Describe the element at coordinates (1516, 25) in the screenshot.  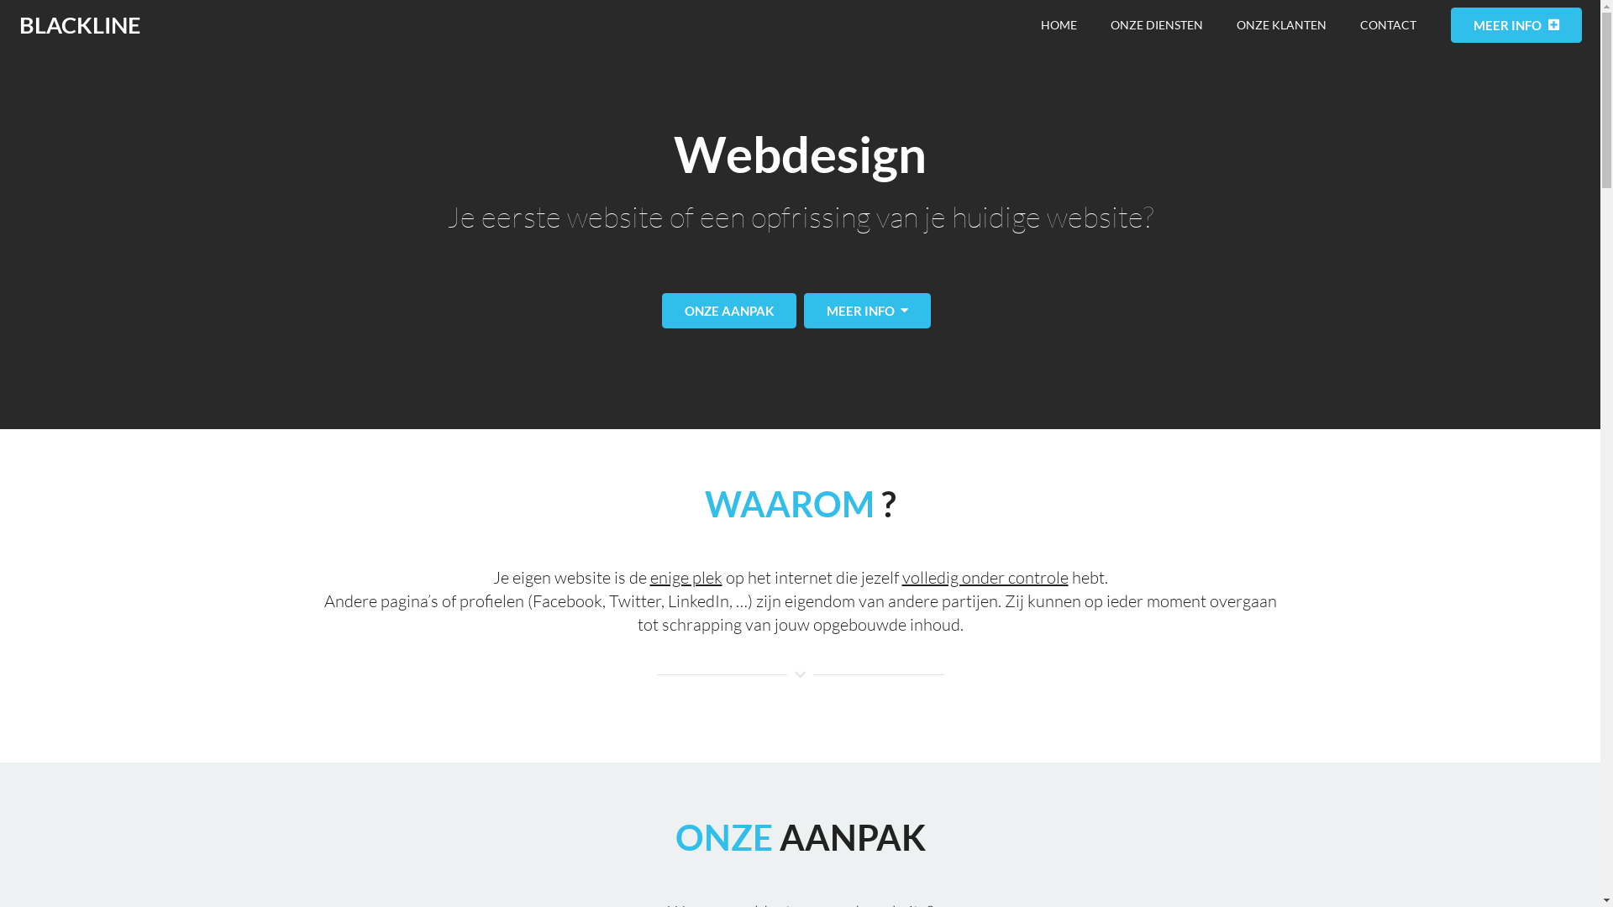
I see `'MEER INFO'` at that location.